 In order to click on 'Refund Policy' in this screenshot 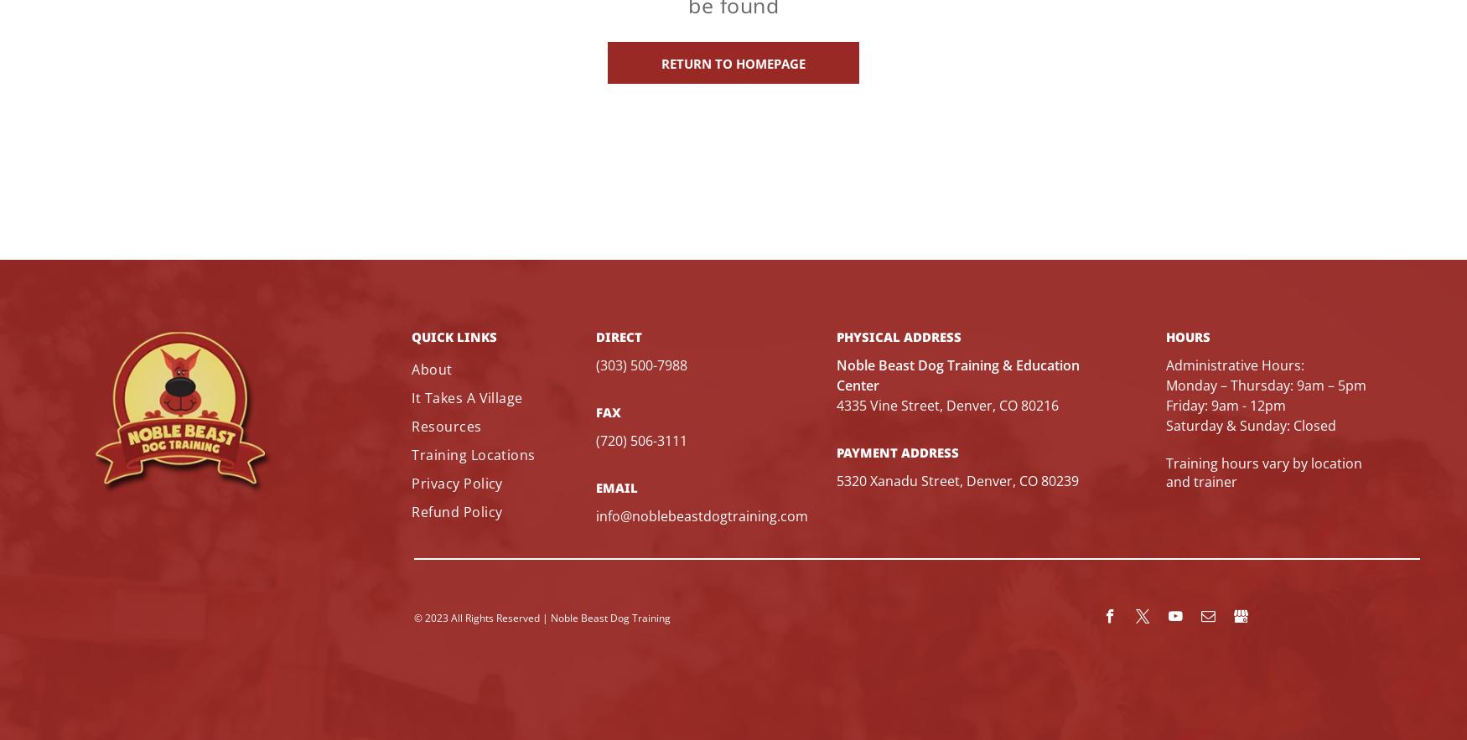, I will do `click(455, 510)`.